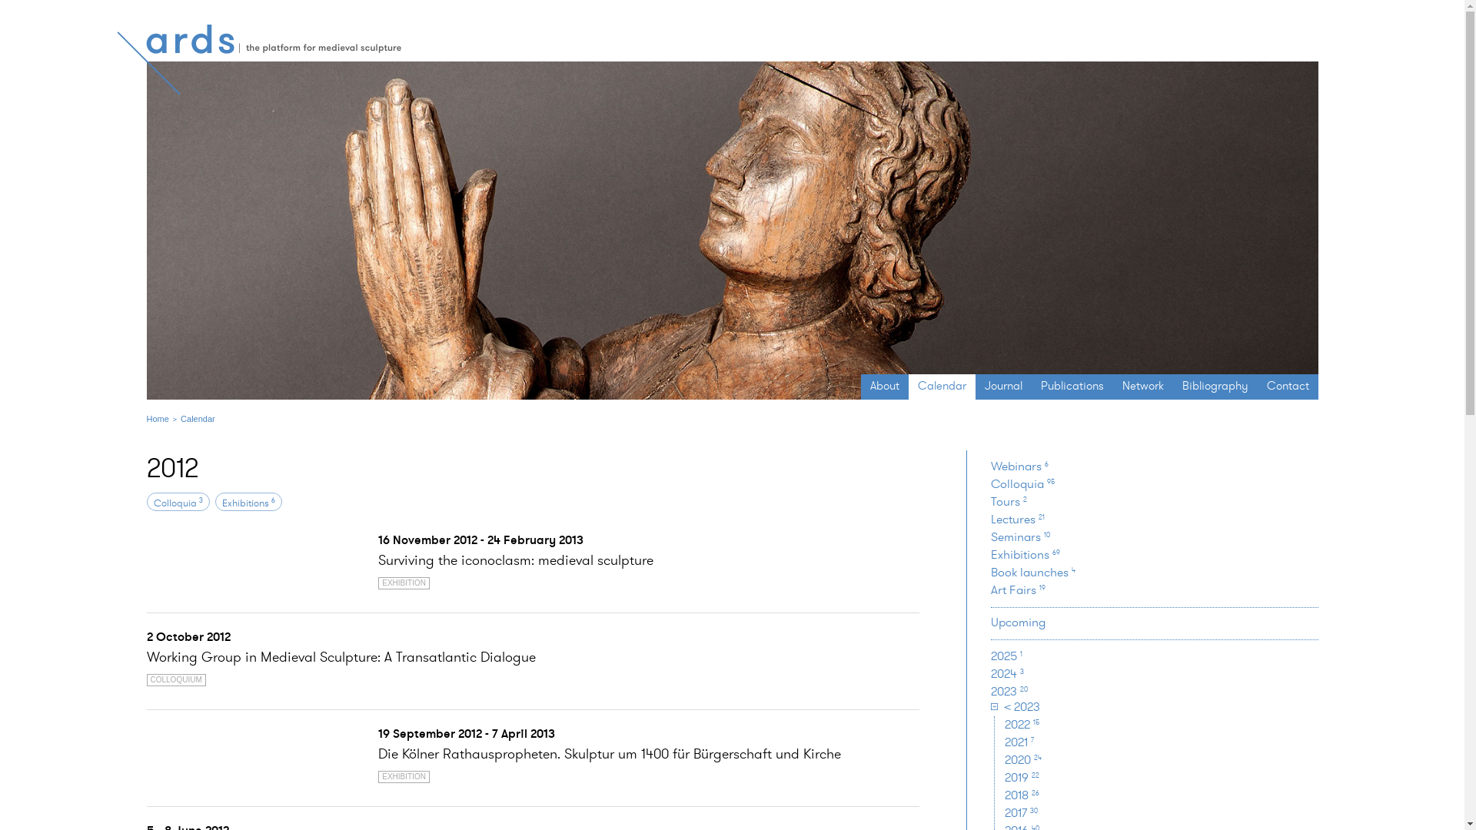  What do you see at coordinates (941, 384) in the screenshot?
I see `'Calendar'` at bounding box center [941, 384].